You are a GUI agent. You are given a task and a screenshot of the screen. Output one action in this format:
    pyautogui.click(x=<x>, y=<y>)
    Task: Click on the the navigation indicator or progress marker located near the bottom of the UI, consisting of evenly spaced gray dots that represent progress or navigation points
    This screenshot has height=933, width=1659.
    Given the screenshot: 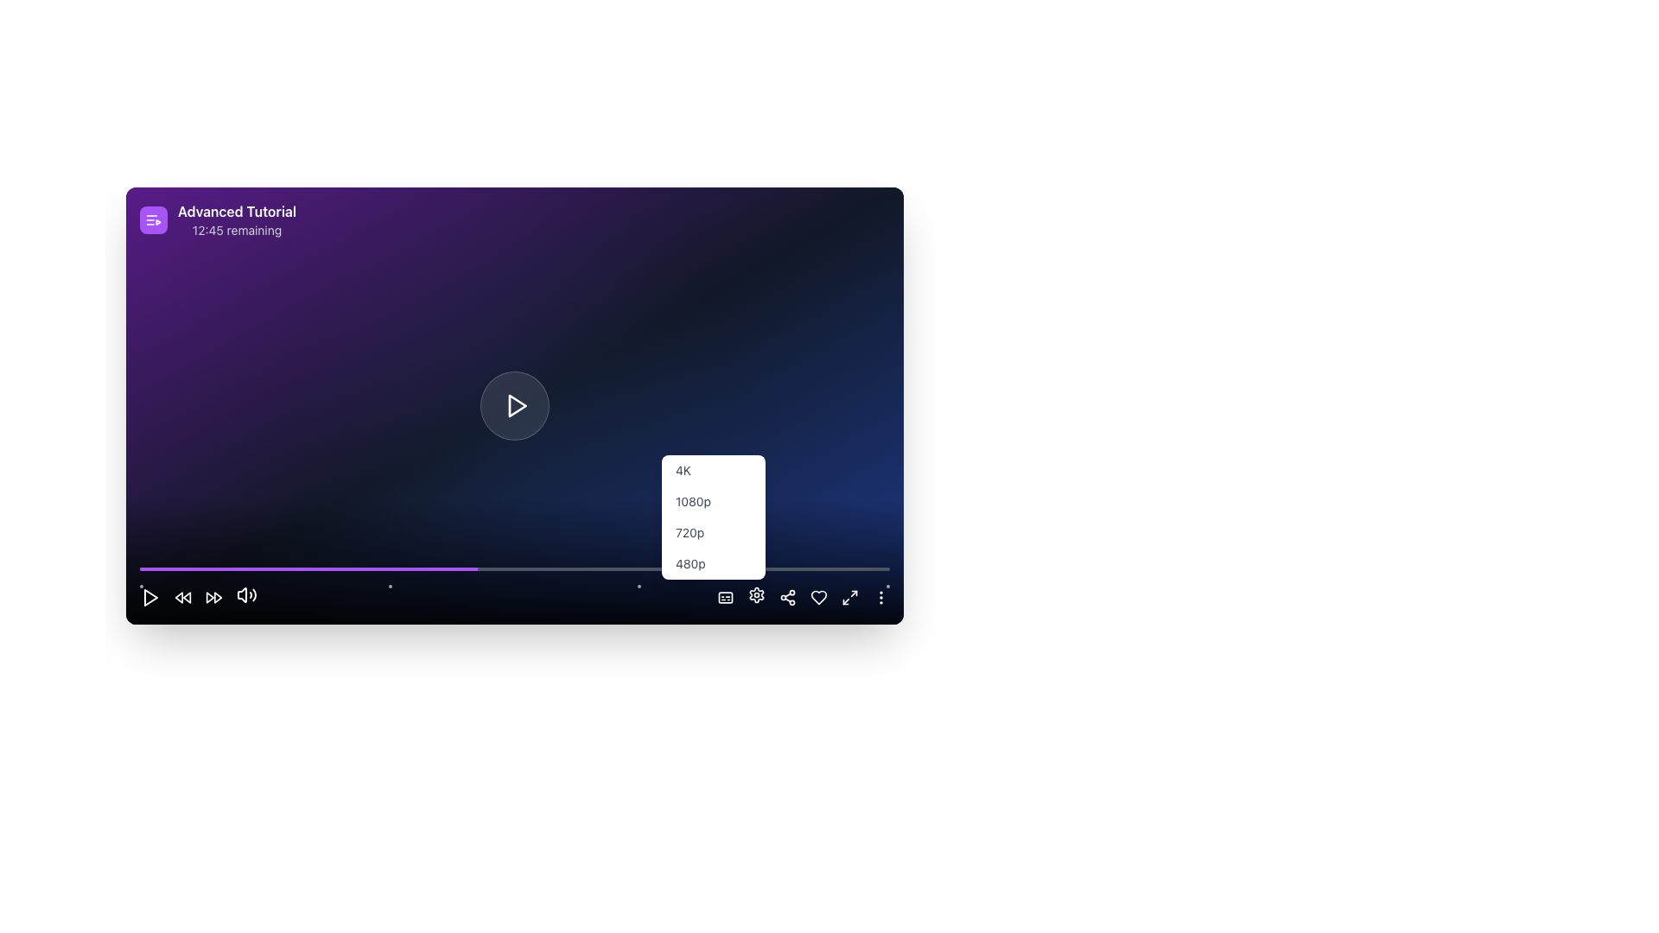 What is the action you would take?
    pyautogui.click(x=513, y=587)
    